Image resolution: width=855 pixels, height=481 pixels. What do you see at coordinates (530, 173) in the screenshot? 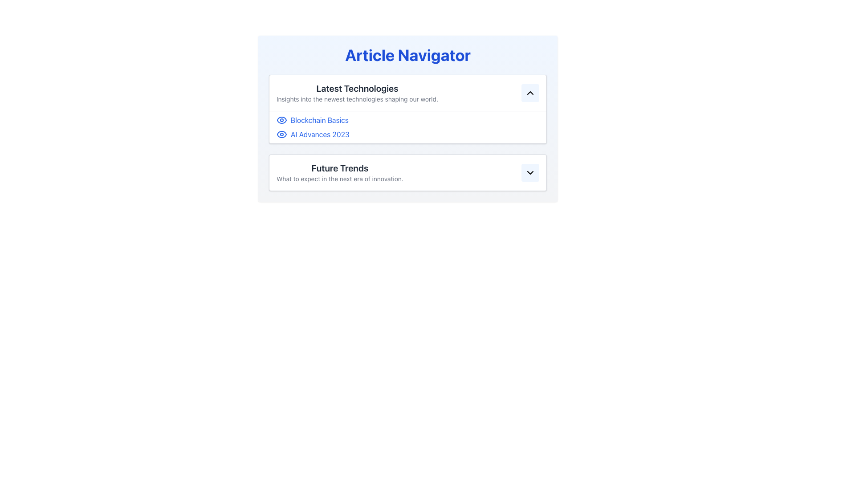
I see `the chevron icon in the bottom-right corner of the 'Future Trends' section` at bounding box center [530, 173].